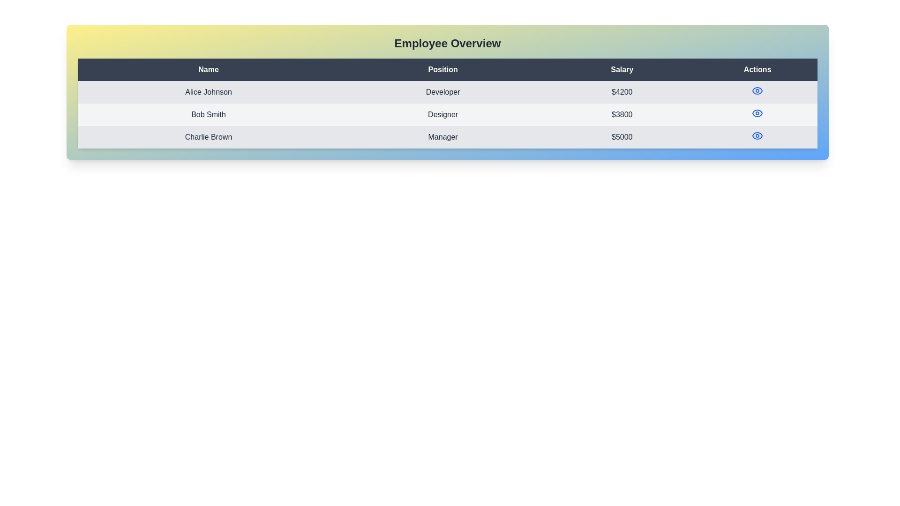  What do you see at coordinates (757, 135) in the screenshot?
I see `the eye-shaped icon button with a circular pupil-like center in the Actions column of Charlie Brown's row` at bounding box center [757, 135].